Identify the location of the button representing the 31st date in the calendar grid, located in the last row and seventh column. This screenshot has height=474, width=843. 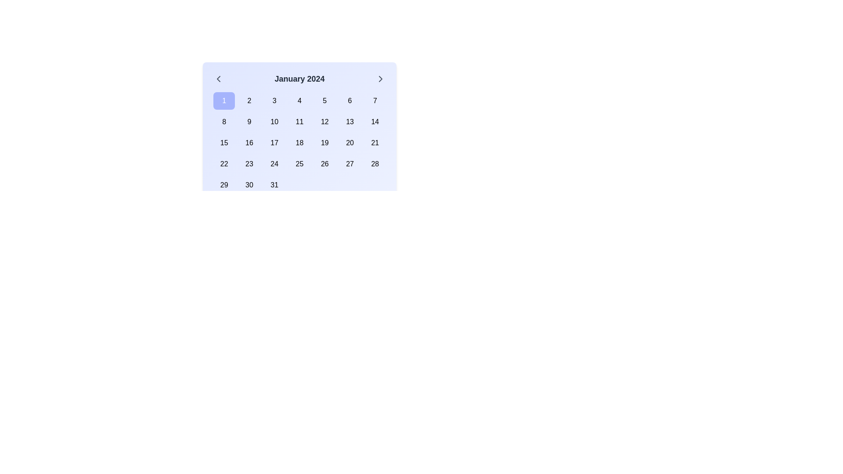
(274, 184).